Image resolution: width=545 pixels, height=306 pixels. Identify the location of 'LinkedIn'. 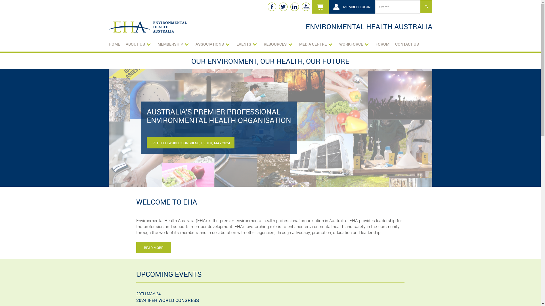
(290, 7).